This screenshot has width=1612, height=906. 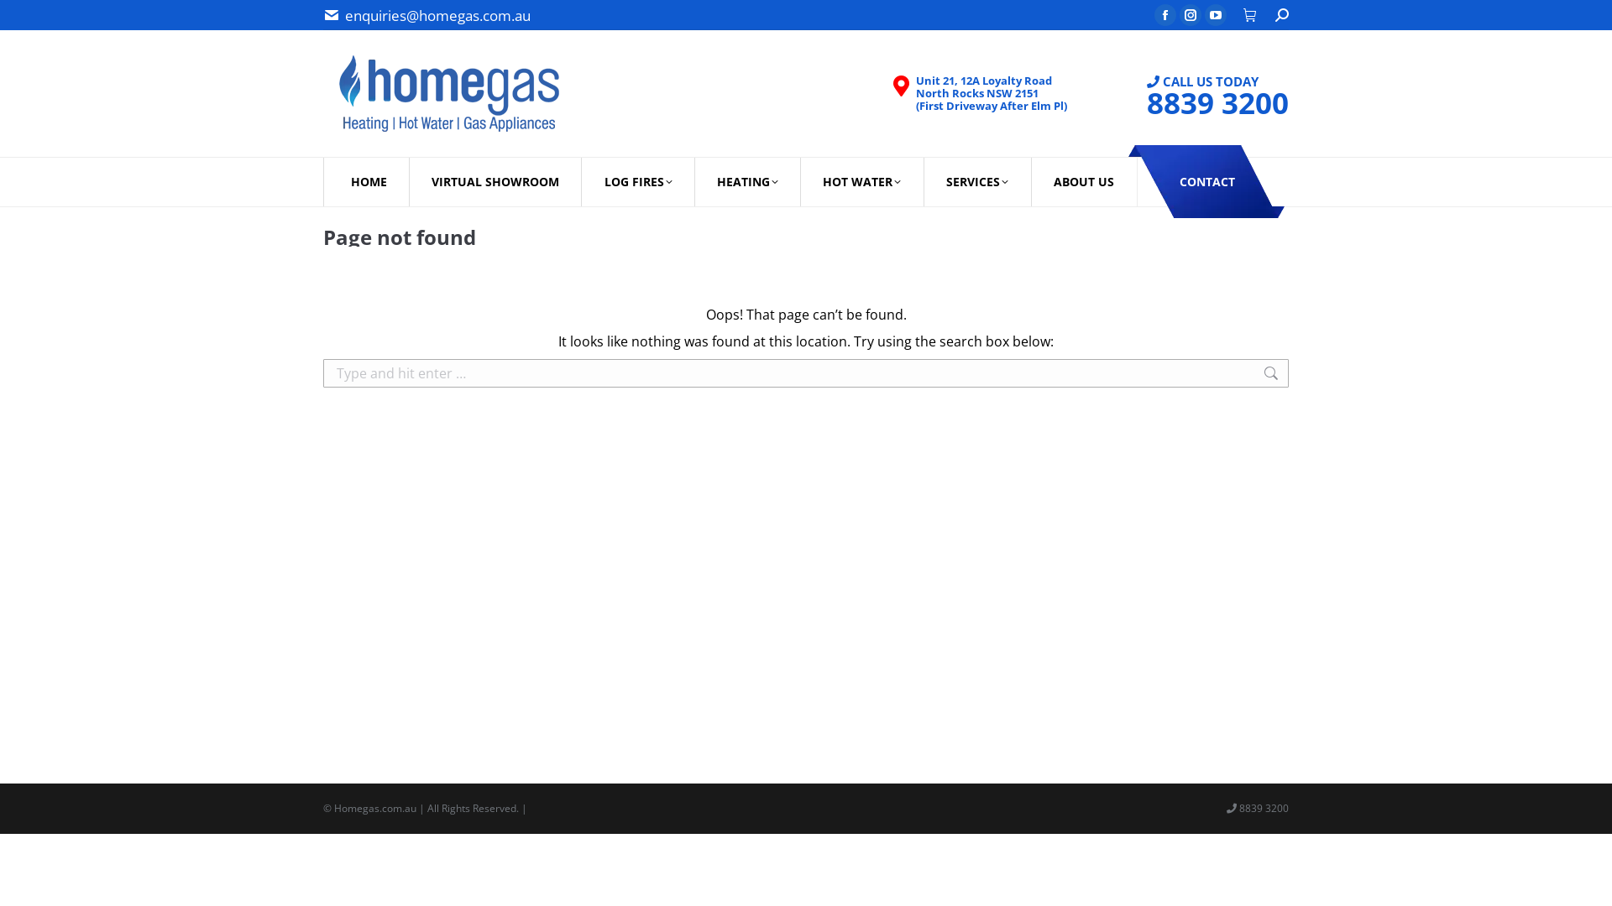 What do you see at coordinates (695, 181) in the screenshot?
I see `'HEATING'` at bounding box center [695, 181].